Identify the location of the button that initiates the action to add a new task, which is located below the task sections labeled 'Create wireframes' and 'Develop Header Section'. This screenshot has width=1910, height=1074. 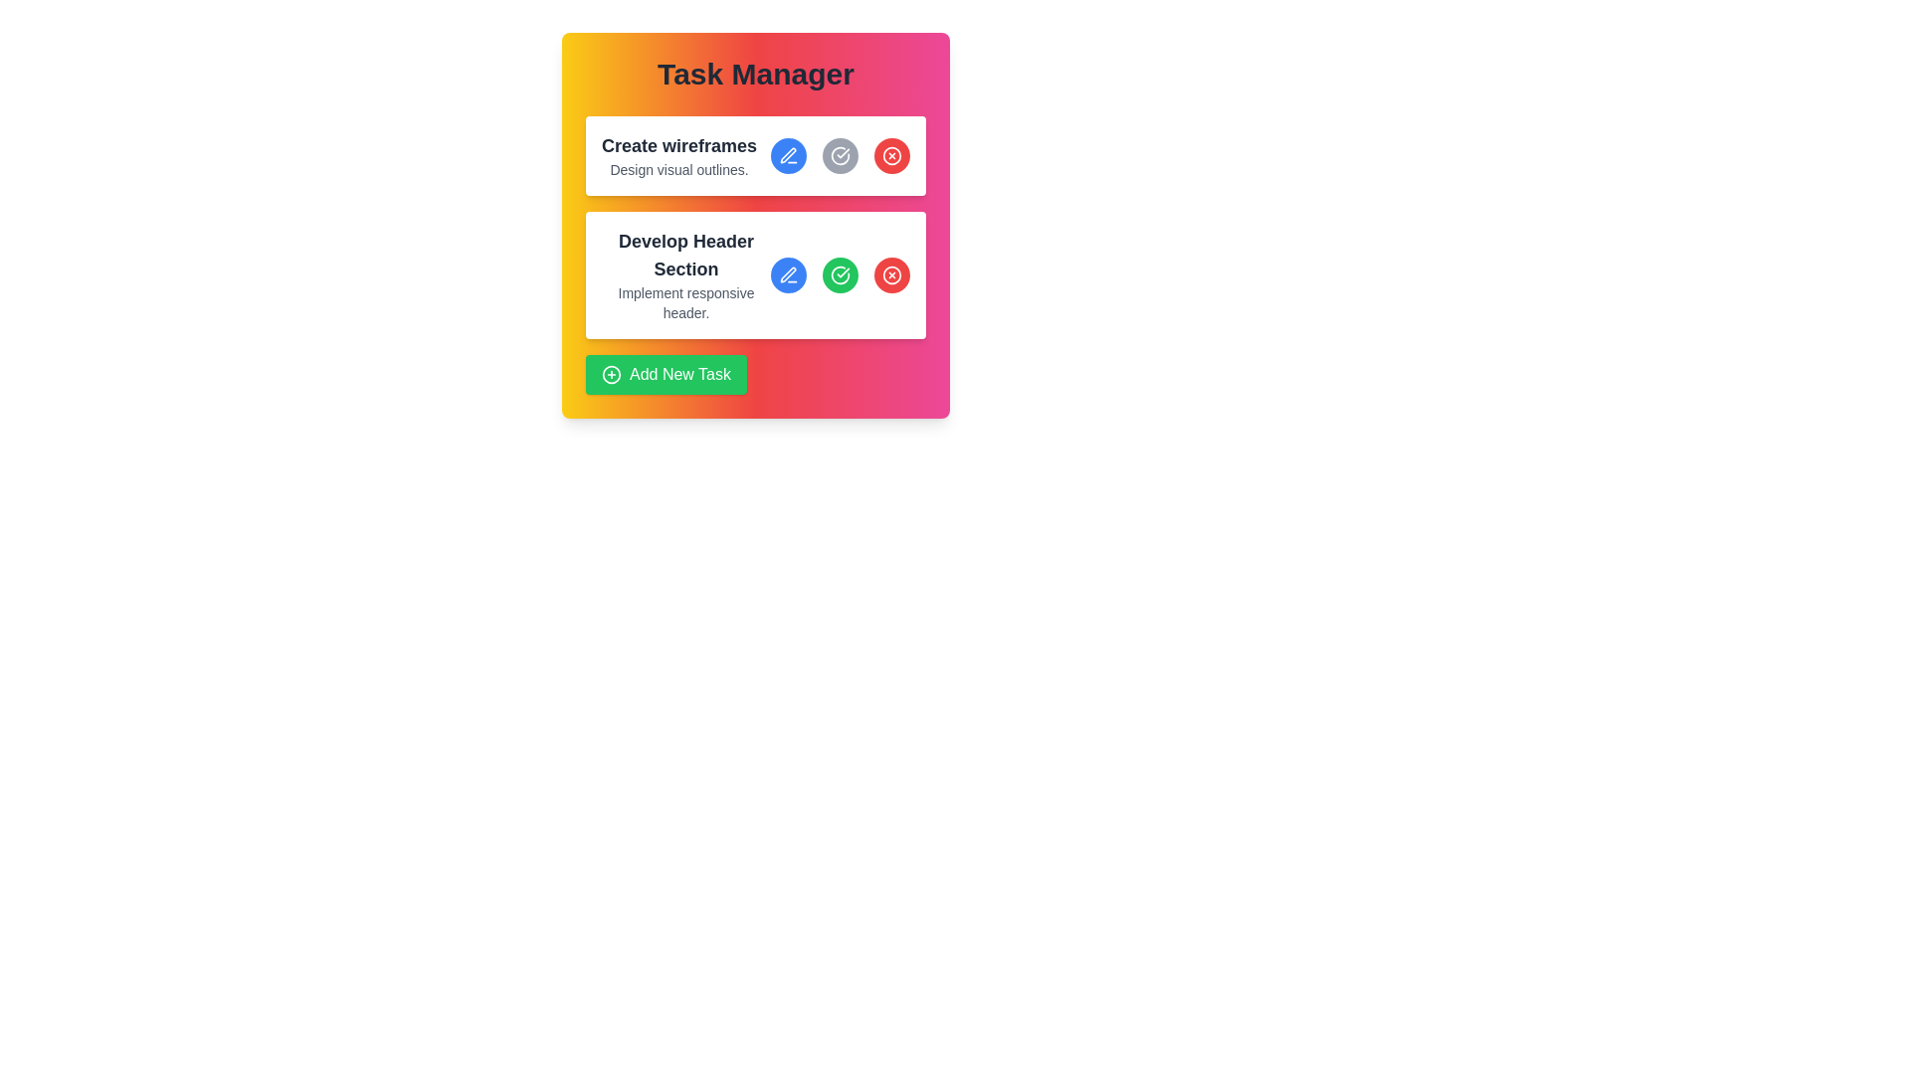
(667, 375).